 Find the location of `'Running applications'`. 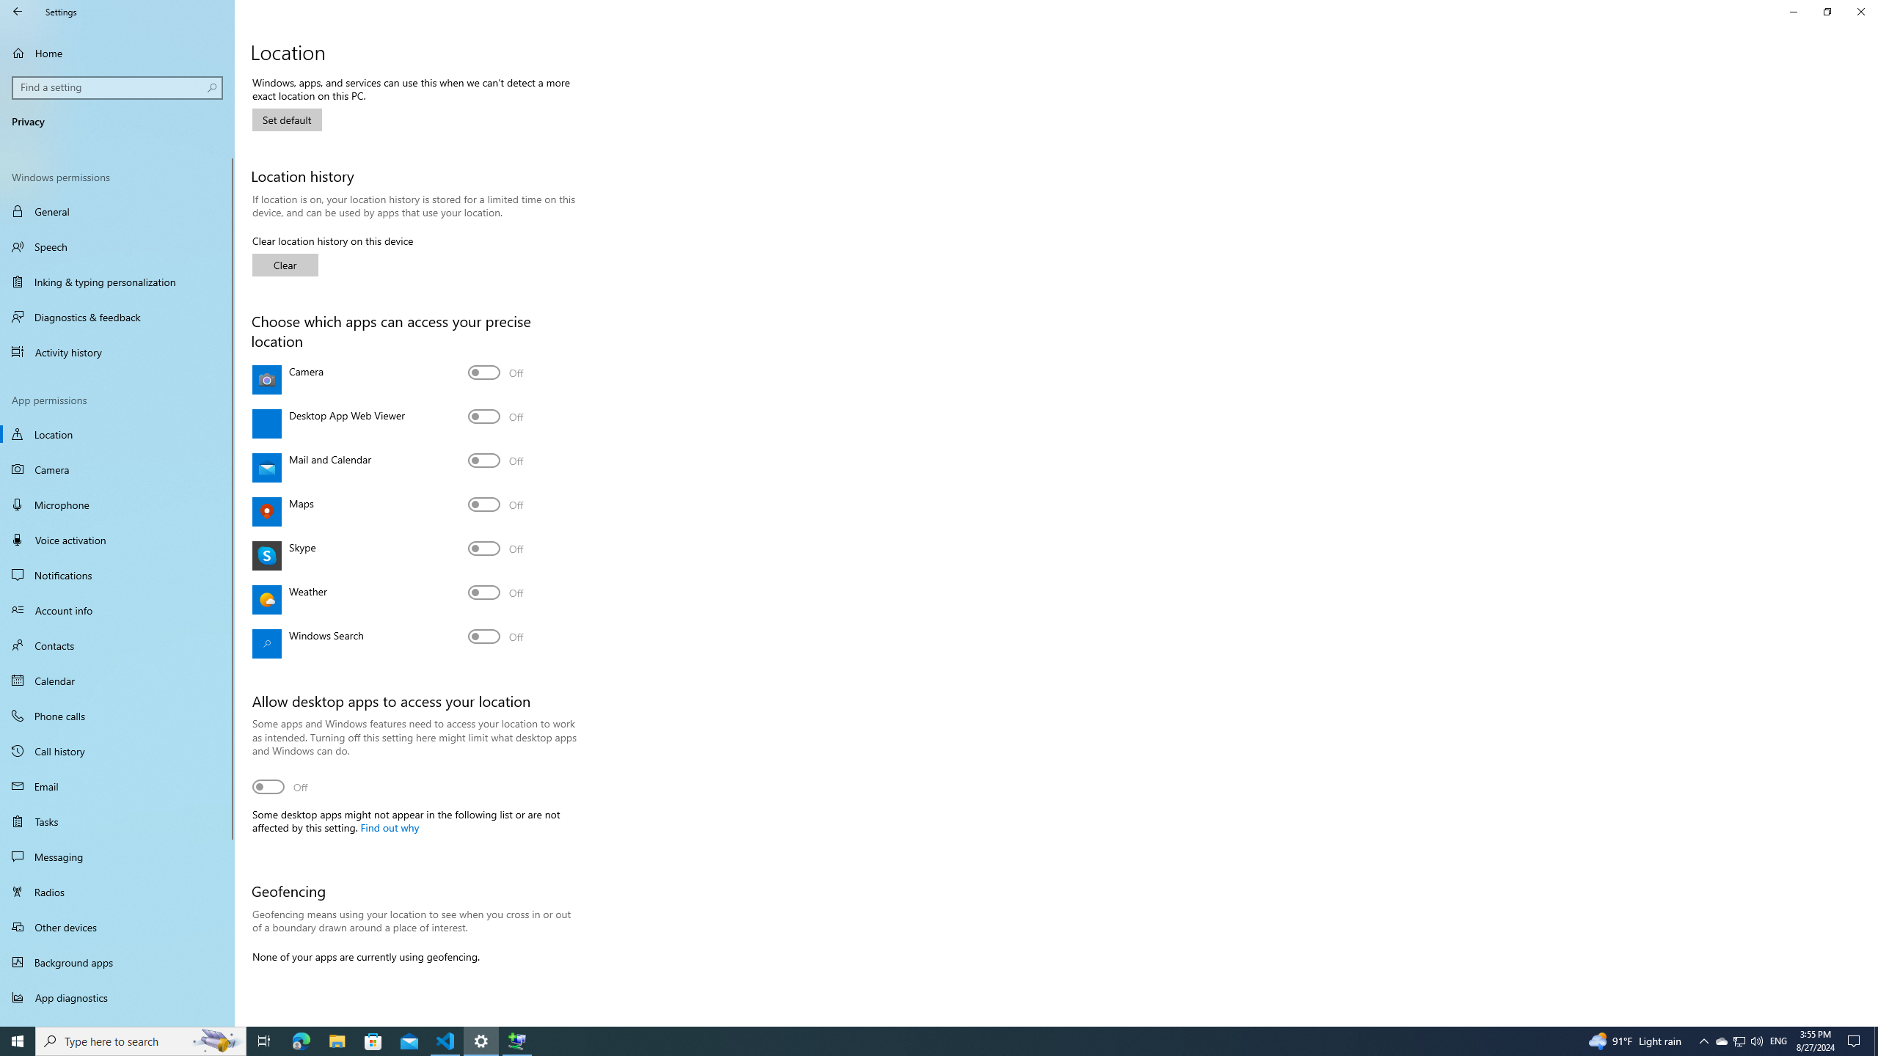

'Running applications' is located at coordinates (911, 1040).